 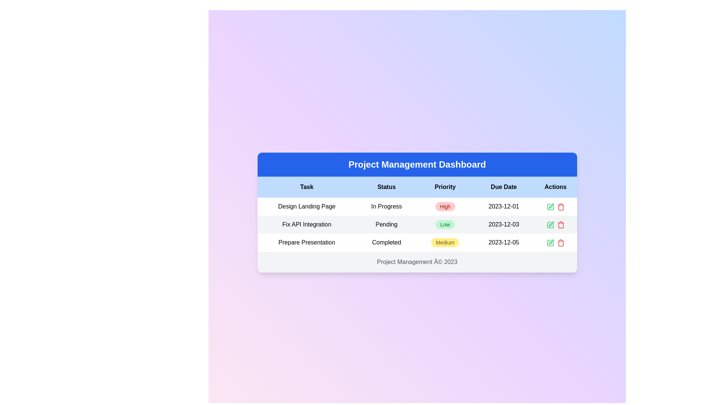 I want to click on the trash/delete icon button with a red stroke in the 'Actions' column of the table, so click(x=561, y=207).